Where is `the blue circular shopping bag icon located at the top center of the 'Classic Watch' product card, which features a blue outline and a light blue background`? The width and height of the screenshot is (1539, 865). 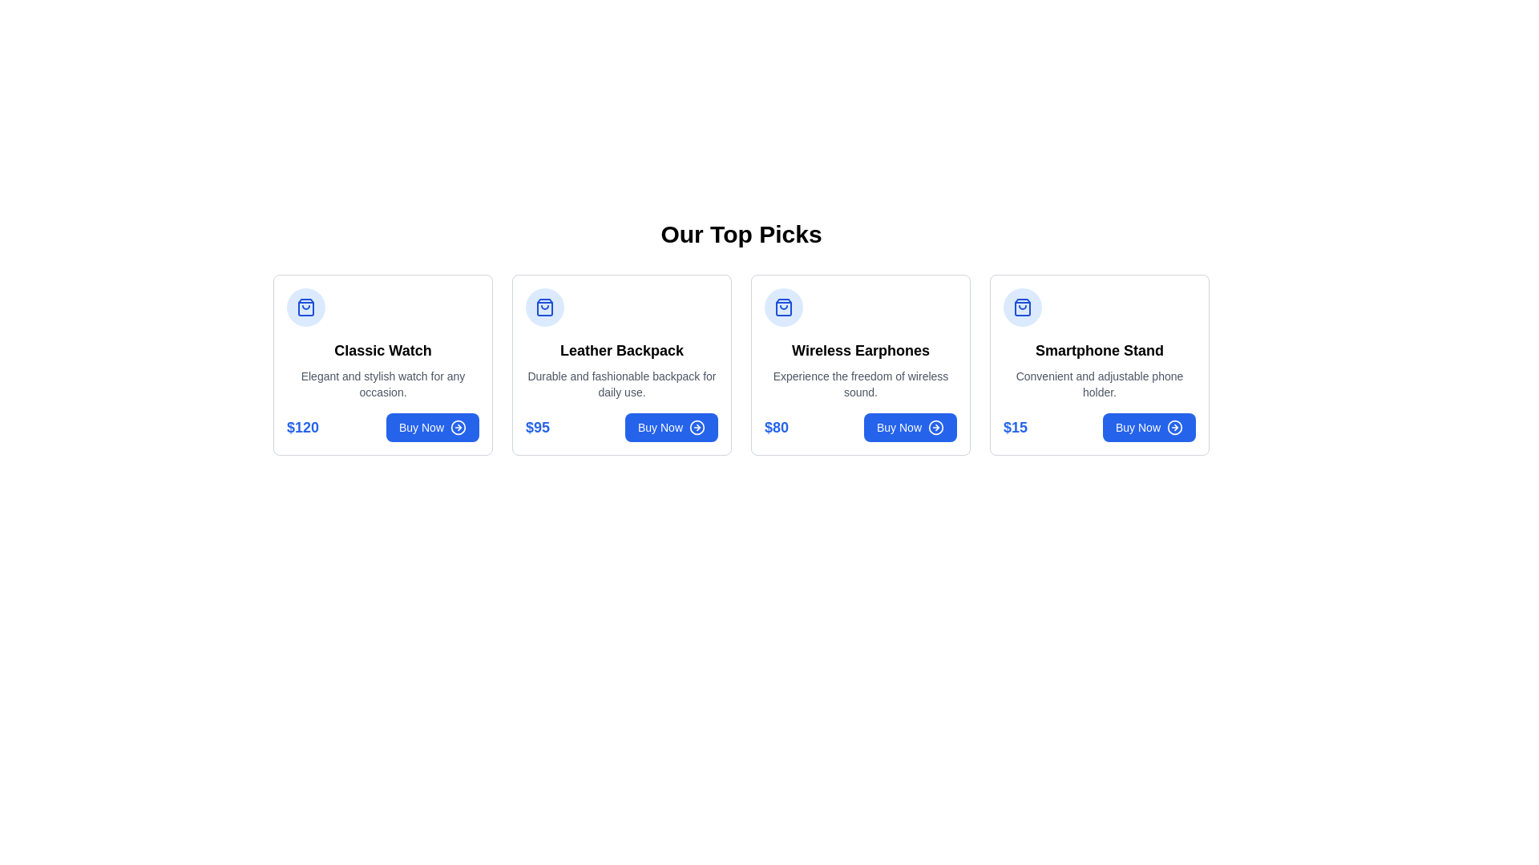 the blue circular shopping bag icon located at the top center of the 'Classic Watch' product card, which features a blue outline and a light blue background is located at coordinates (306, 308).